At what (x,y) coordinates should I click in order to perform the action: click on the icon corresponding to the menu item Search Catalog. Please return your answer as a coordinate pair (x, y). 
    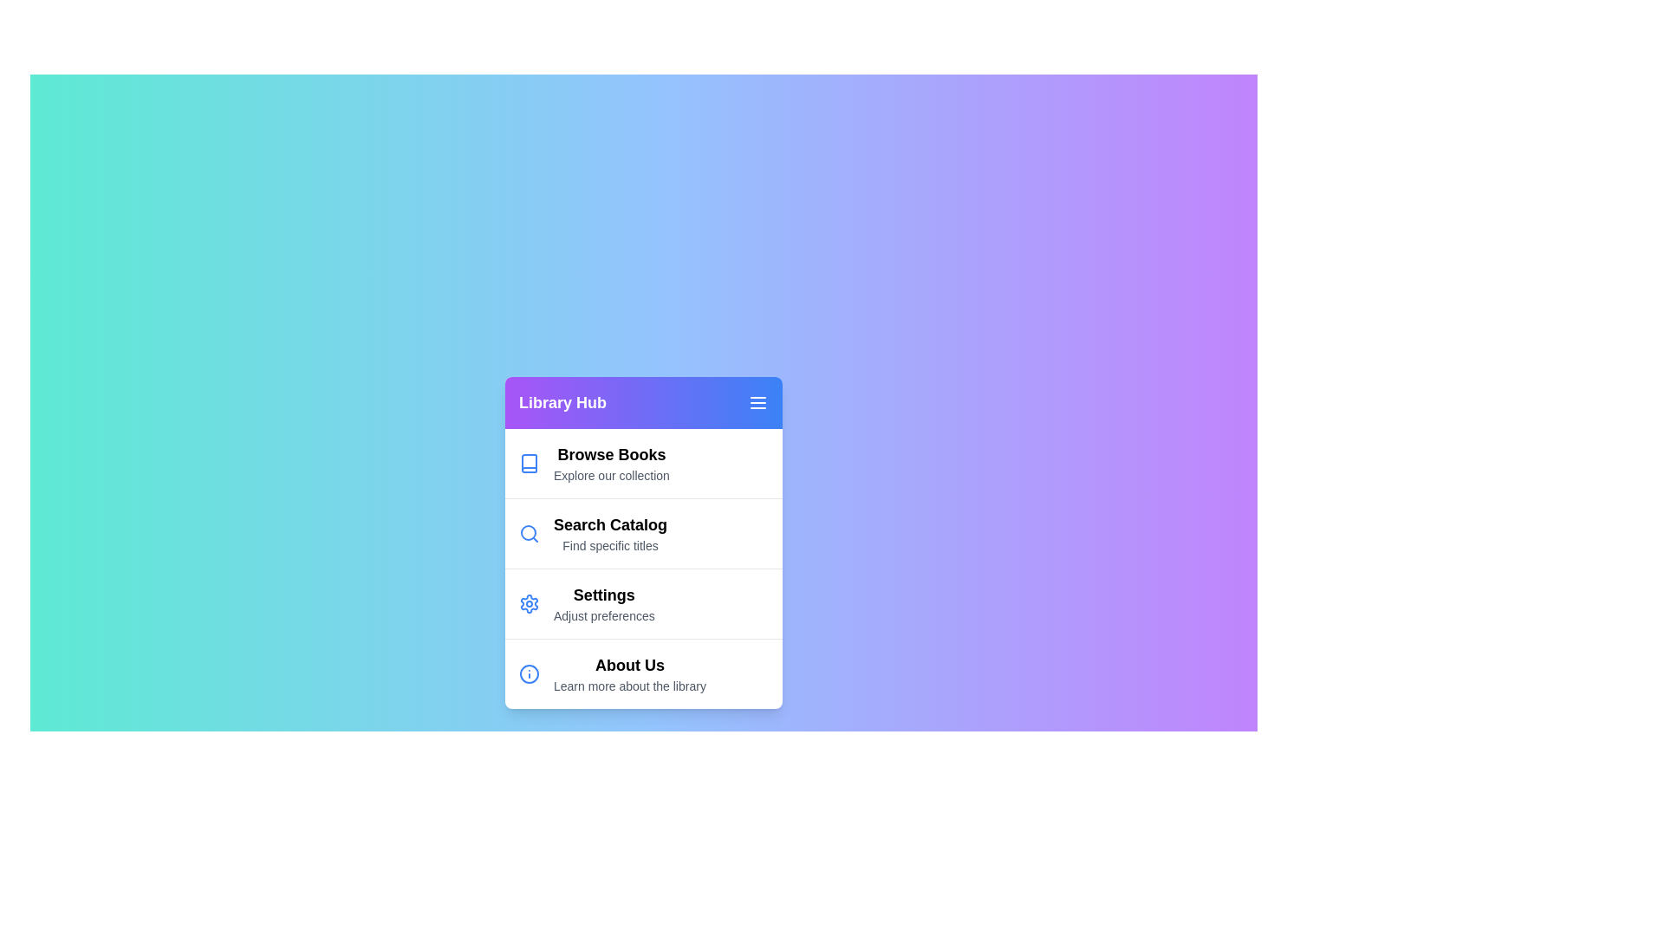
    Looking at the image, I should click on (528, 532).